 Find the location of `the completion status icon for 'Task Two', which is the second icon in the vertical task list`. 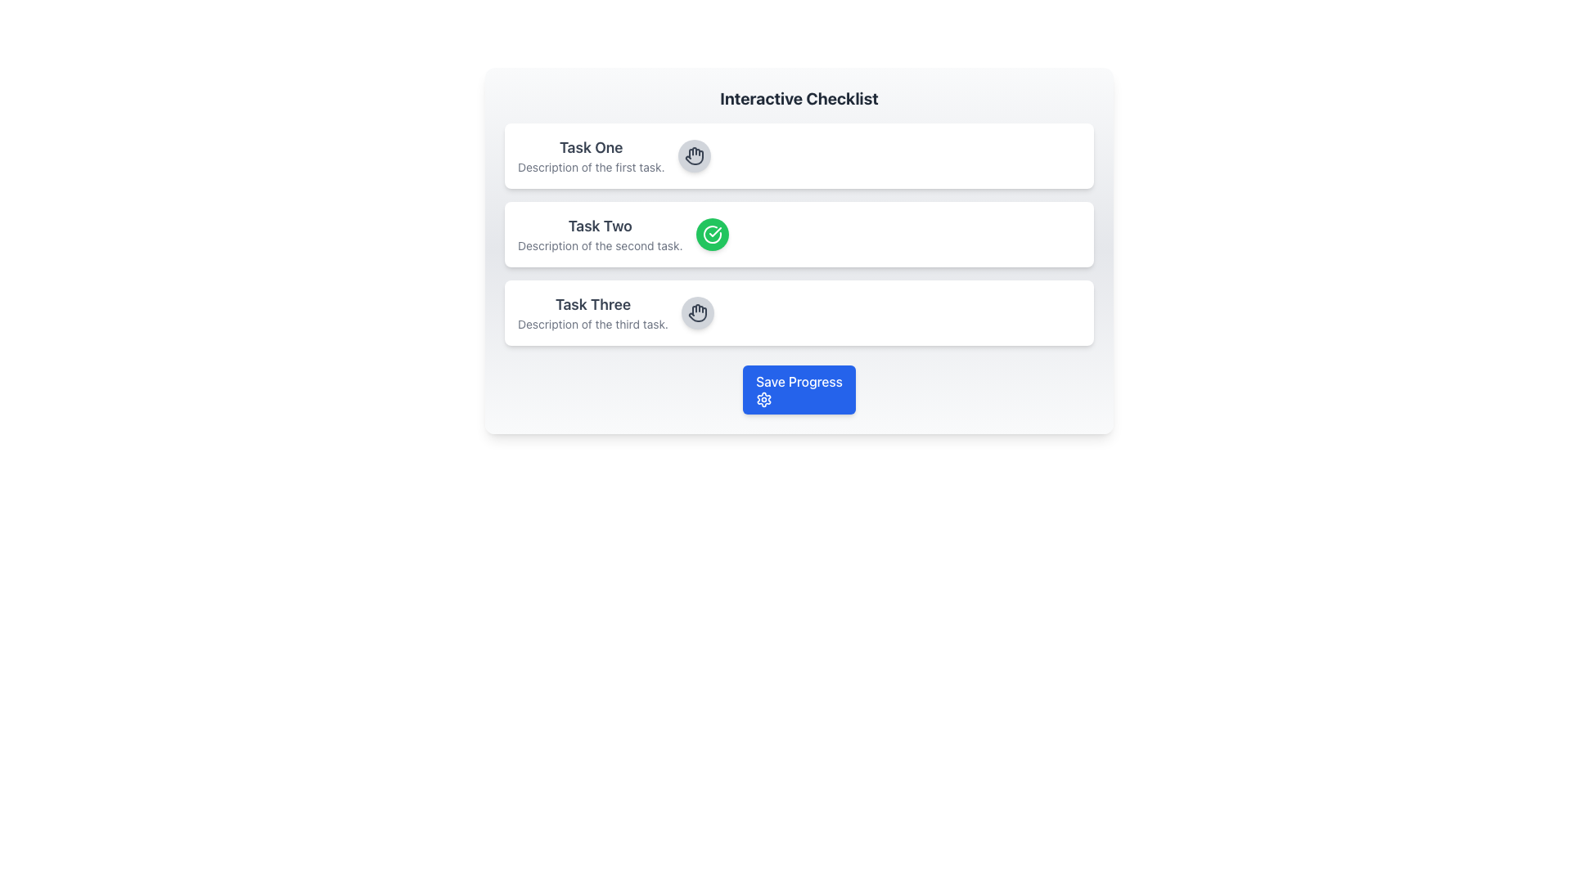

the completion status icon for 'Task Two', which is the second icon in the vertical task list is located at coordinates (712, 234).